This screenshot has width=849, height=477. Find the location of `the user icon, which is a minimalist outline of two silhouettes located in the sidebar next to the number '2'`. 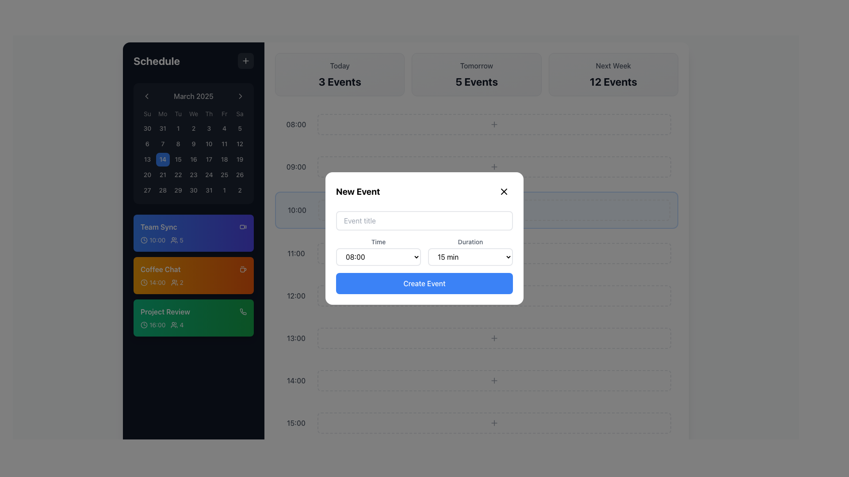

the user icon, which is a minimalist outline of two silhouettes located in the sidebar next to the number '2' is located at coordinates (174, 283).